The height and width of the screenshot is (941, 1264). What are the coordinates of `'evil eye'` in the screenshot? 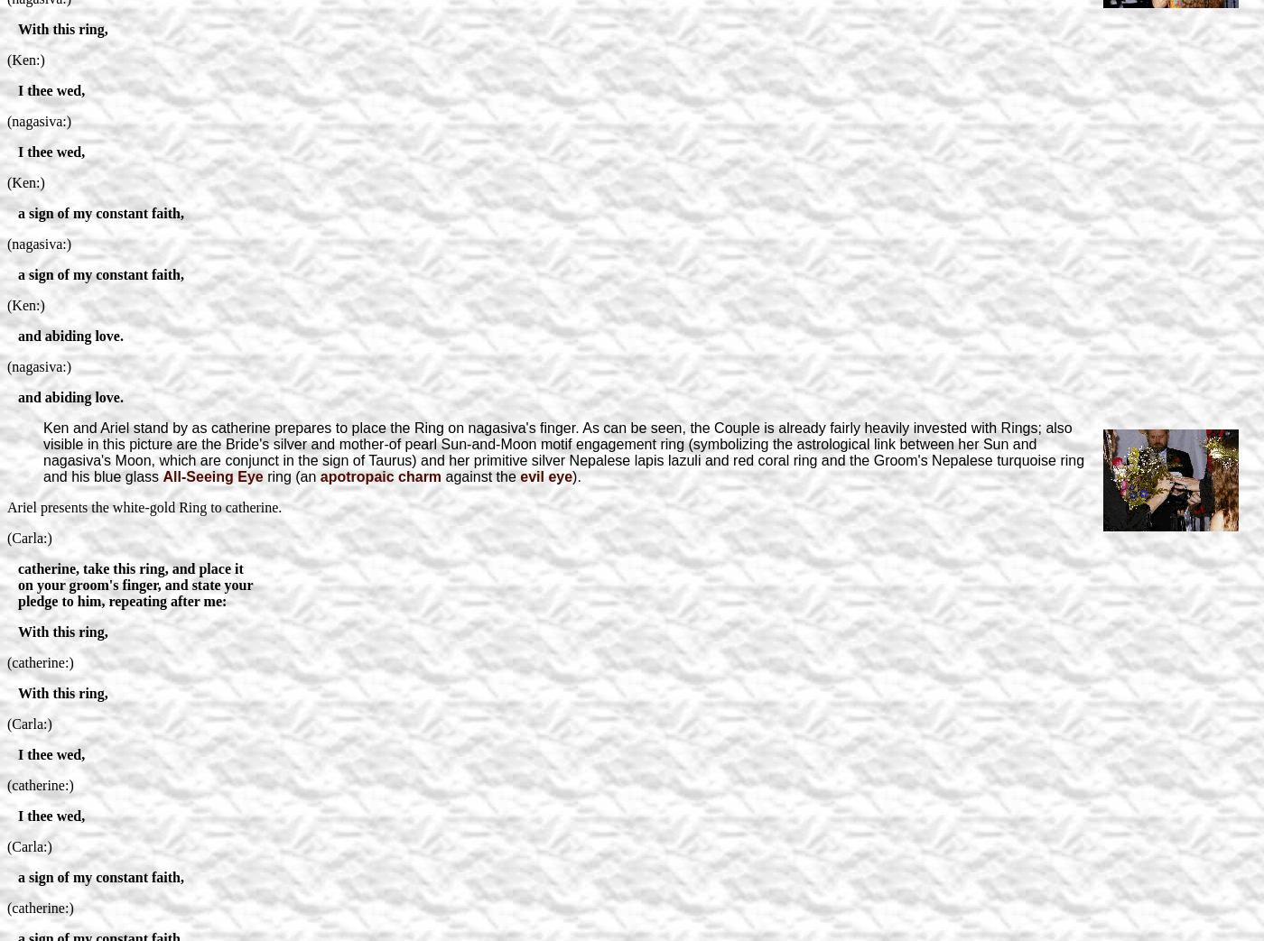 It's located at (545, 475).